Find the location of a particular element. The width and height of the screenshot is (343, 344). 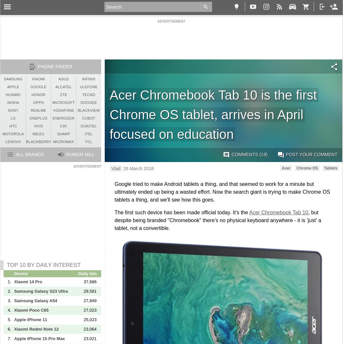

'Vlad' is located at coordinates (111, 168).